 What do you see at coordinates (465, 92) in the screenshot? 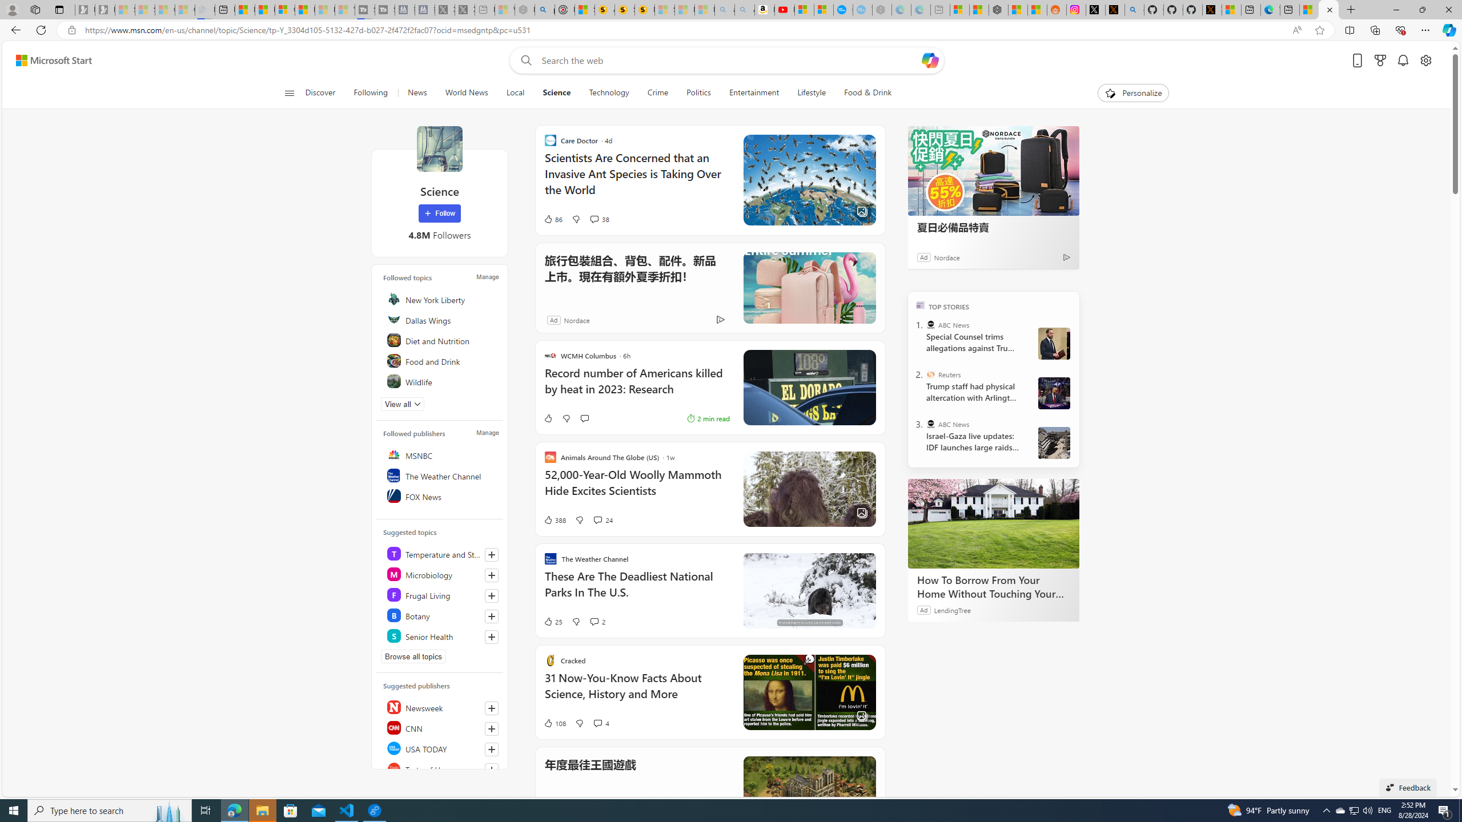
I see `'World News'` at bounding box center [465, 92].